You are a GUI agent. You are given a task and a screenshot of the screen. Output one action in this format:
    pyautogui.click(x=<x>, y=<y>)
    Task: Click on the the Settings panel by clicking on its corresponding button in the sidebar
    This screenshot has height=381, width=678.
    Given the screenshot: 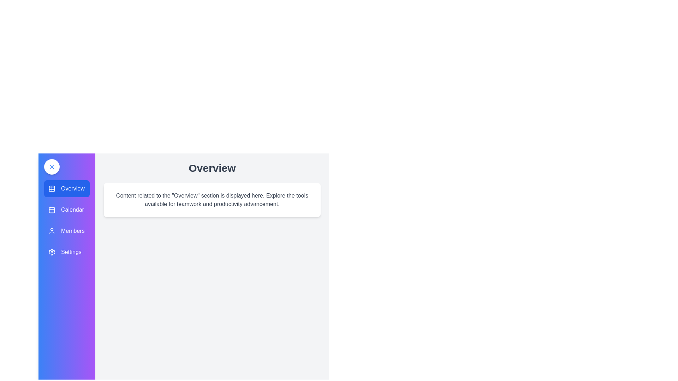 What is the action you would take?
    pyautogui.click(x=66, y=252)
    